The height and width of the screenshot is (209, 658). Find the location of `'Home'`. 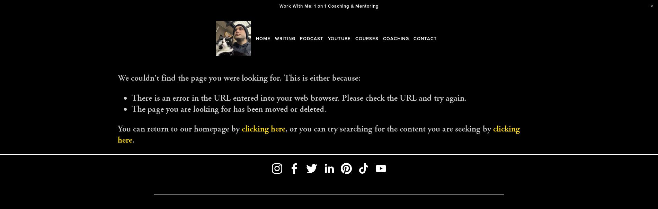

'Home' is located at coordinates (263, 38).